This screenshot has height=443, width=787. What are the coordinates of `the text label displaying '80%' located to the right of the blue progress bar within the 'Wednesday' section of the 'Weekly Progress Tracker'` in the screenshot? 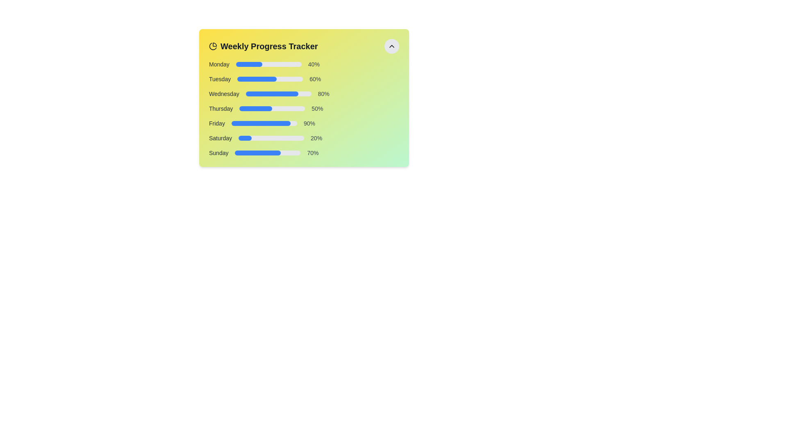 It's located at (323, 93).